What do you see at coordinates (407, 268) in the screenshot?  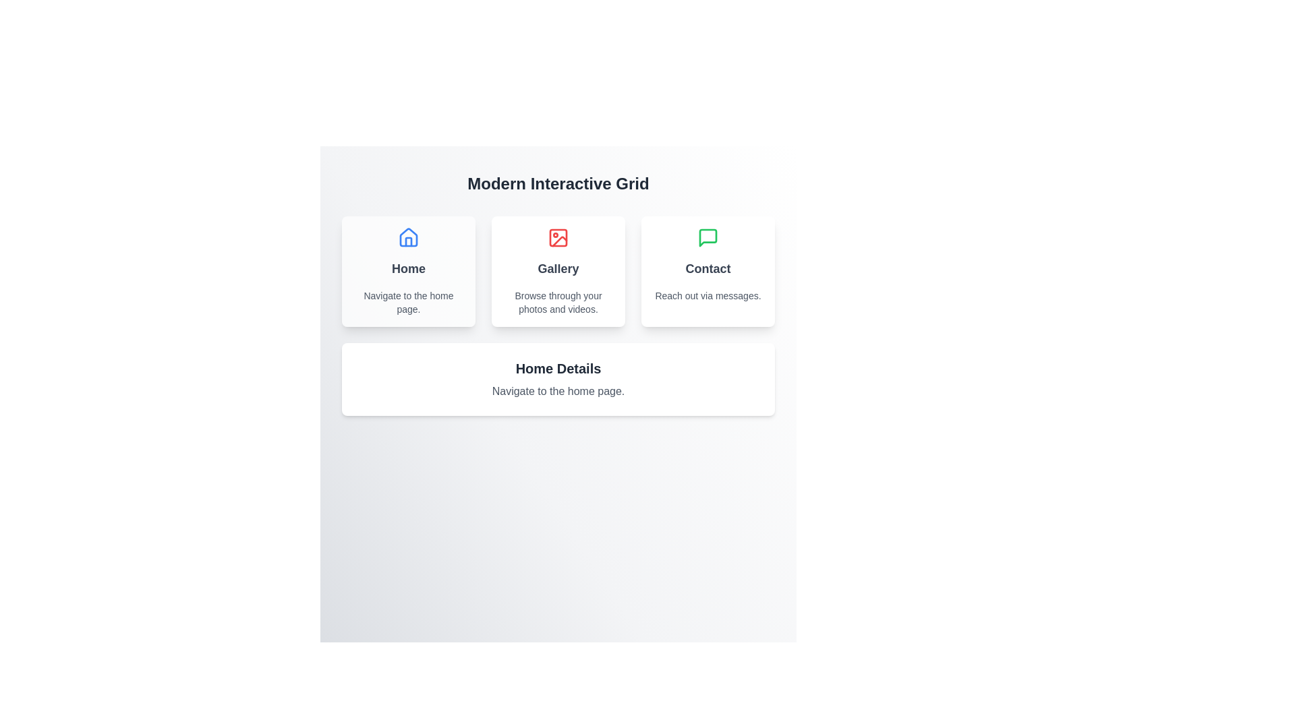 I see `text content of the label indicating the 'Home' button located in the top-left corner of the grid layout card` at bounding box center [407, 268].